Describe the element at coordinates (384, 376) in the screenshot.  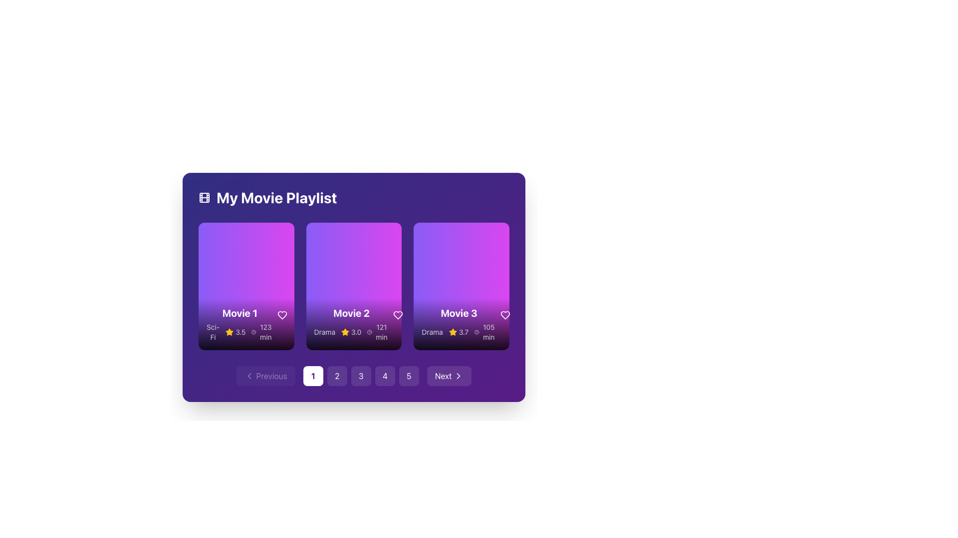
I see `the pagination button that navigates to page 4 of the movie playlist, located near the bottom center of the interface, just below the row of movie thumbnails` at that location.